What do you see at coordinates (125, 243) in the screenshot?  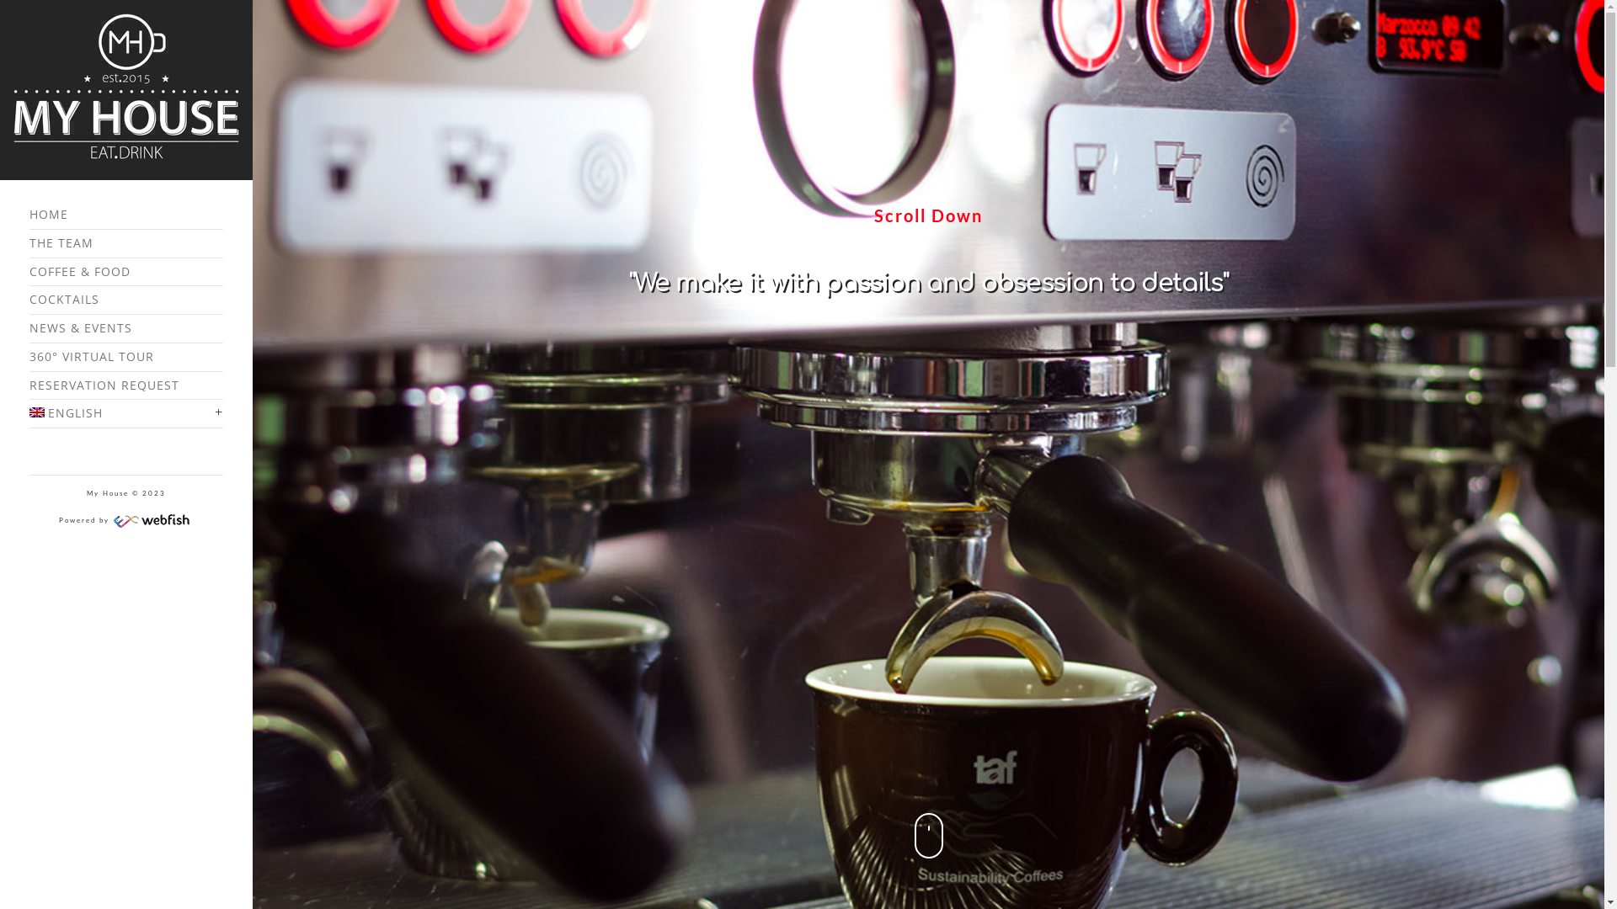 I see `'THE TEAM'` at bounding box center [125, 243].